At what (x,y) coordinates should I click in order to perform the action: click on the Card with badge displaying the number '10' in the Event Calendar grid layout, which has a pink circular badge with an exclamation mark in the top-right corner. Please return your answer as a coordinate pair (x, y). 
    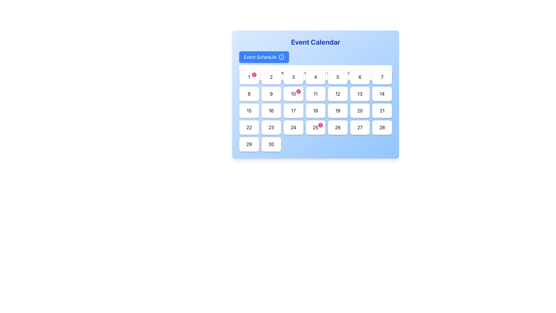
    Looking at the image, I should click on (293, 94).